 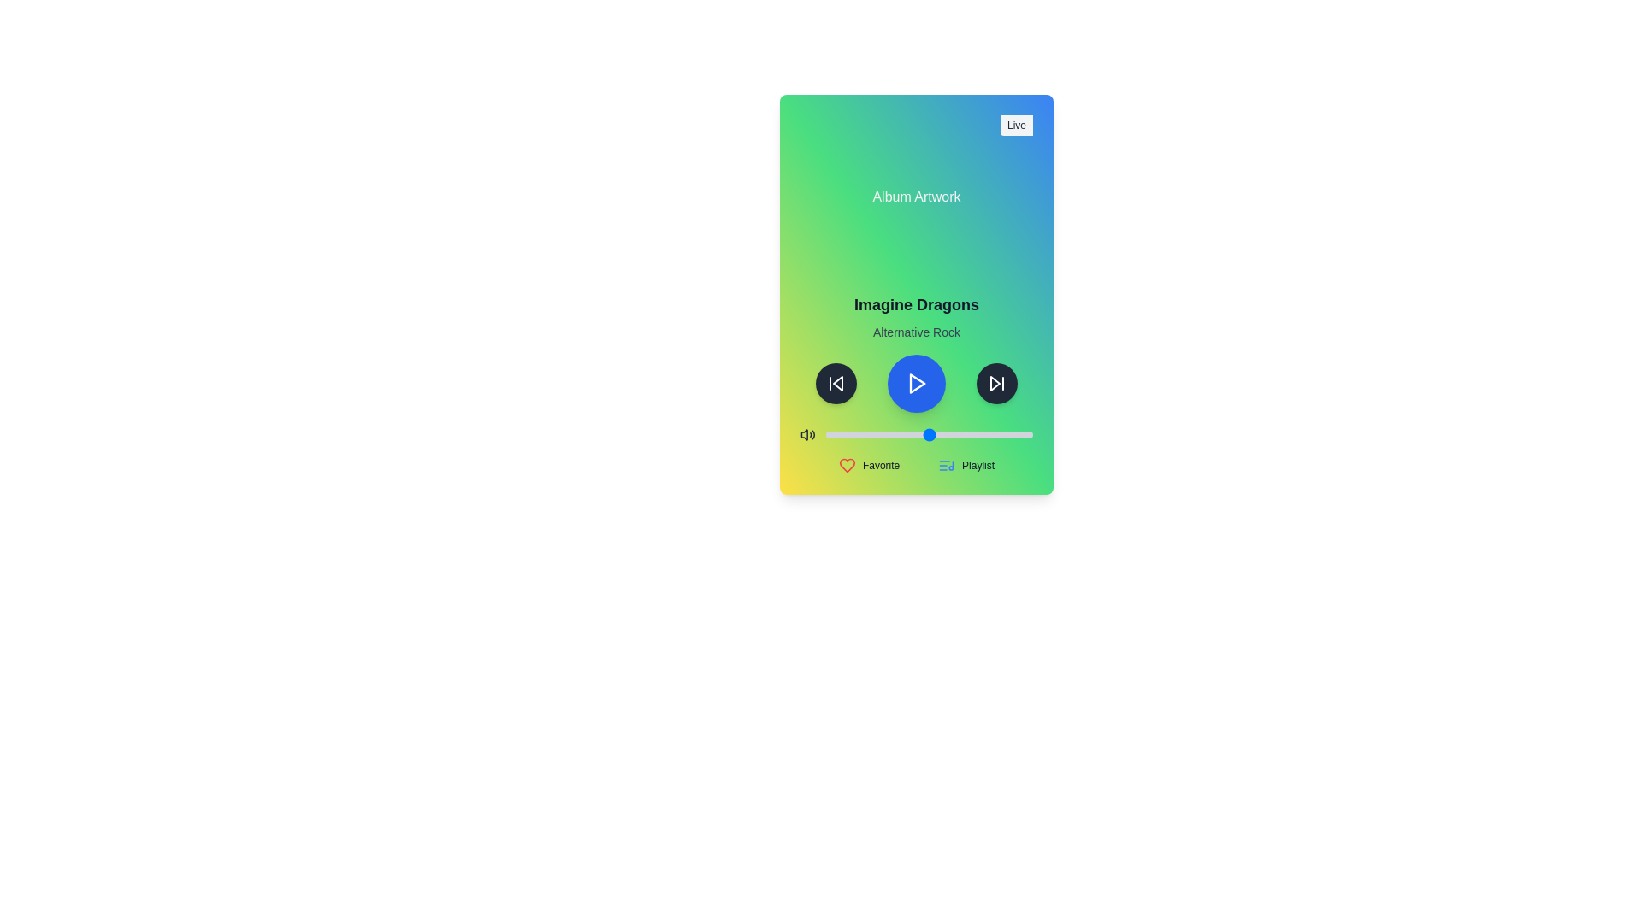 I want to click on the red heart icon labeled 'Favorite' located in the bottom-left corner of the card interface, positioned, so click(x=869, y=465).